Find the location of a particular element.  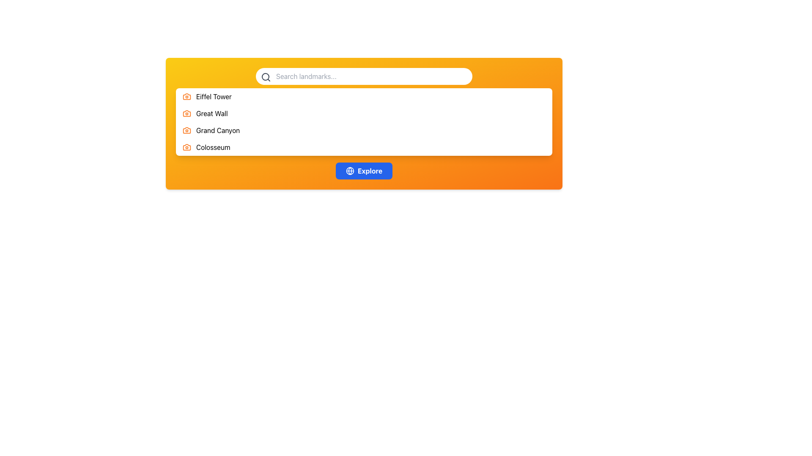

the circular outline of the globe icon located near the top right of the main interface, adjacent to the search bar is located at coordinates (350, 171).